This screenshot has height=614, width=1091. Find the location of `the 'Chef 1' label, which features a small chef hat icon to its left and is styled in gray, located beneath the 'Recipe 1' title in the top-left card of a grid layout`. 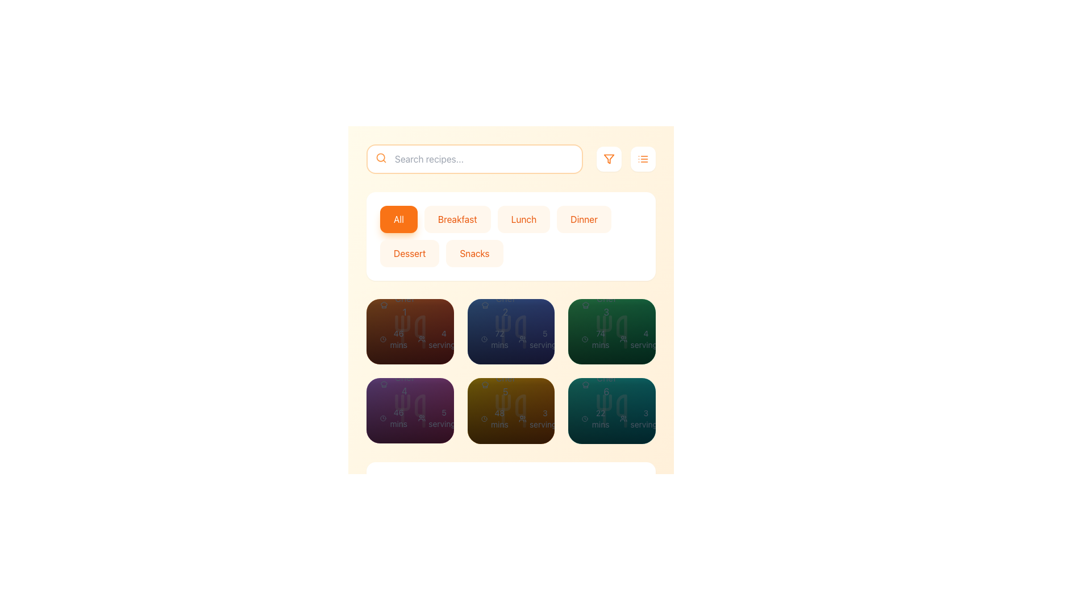

the 'Chef 1' label, which features a small chef hat icon to its left and is styled in gray, located beneath the 'Recipe 1' title in the top-left card of a grid layout is located at coordinates (398, 305).